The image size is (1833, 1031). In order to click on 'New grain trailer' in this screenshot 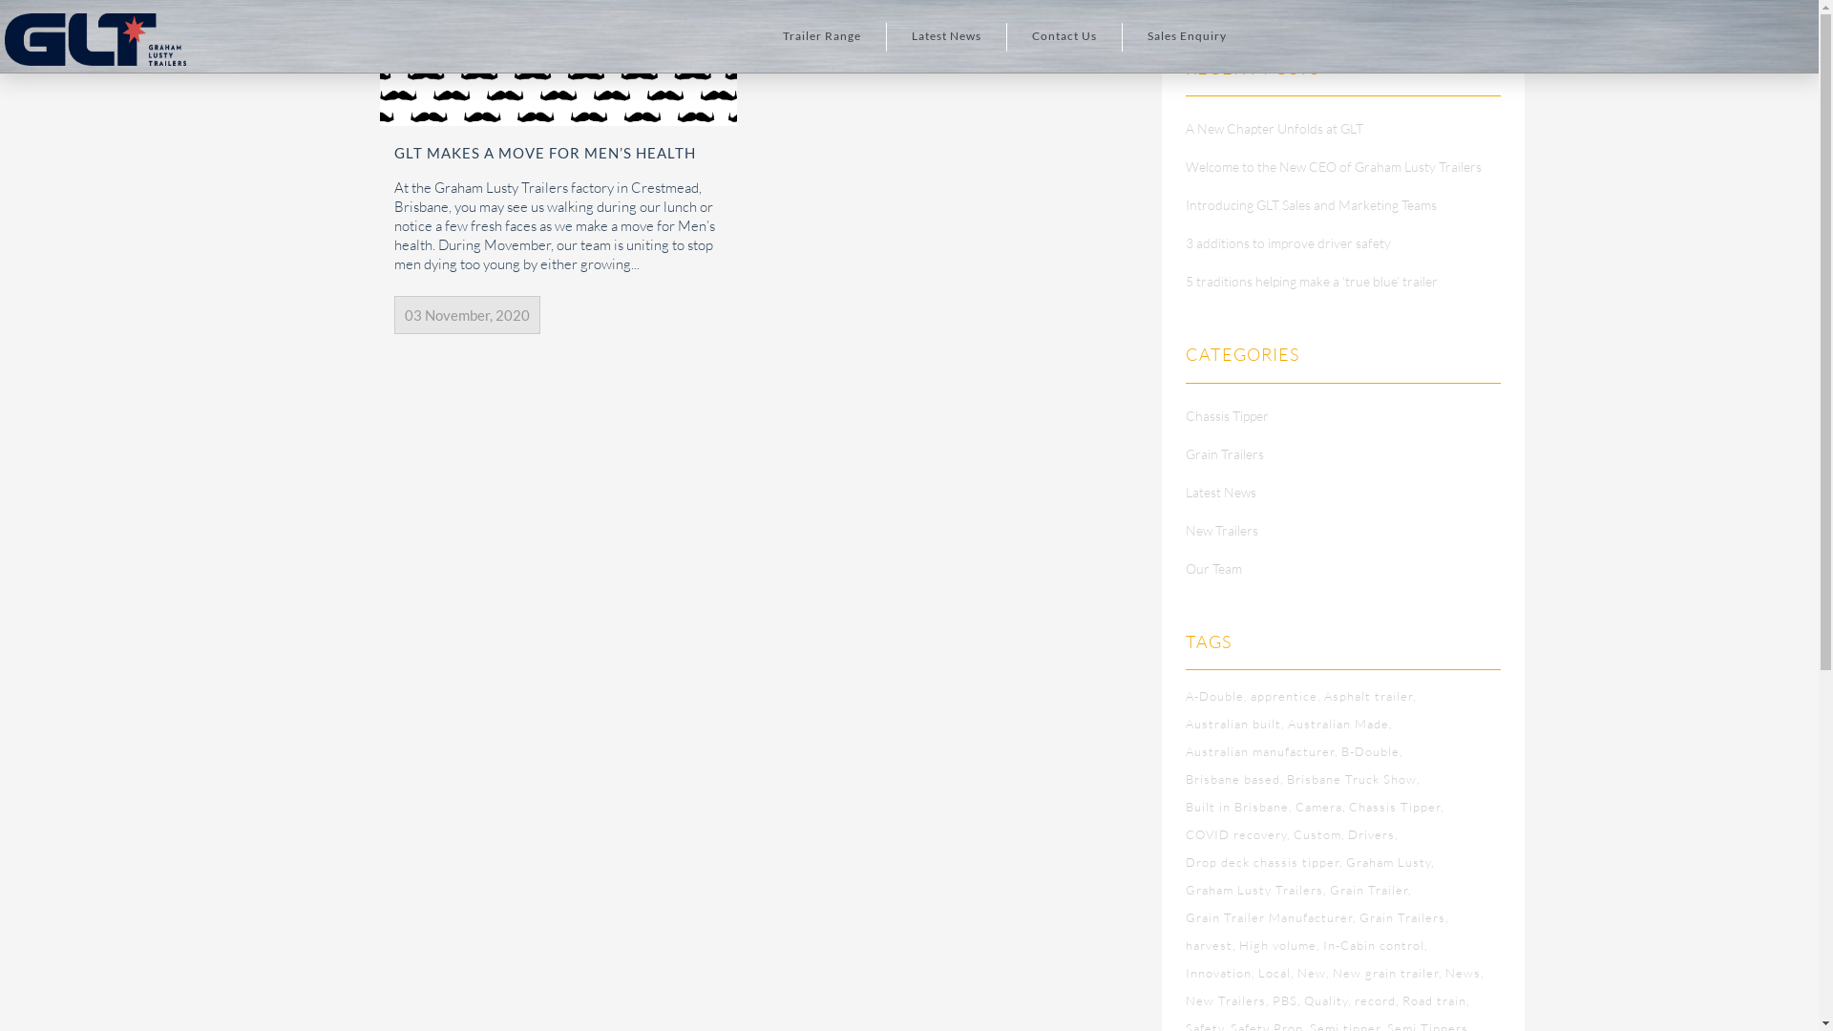, I will do `click(1387, 972)`.